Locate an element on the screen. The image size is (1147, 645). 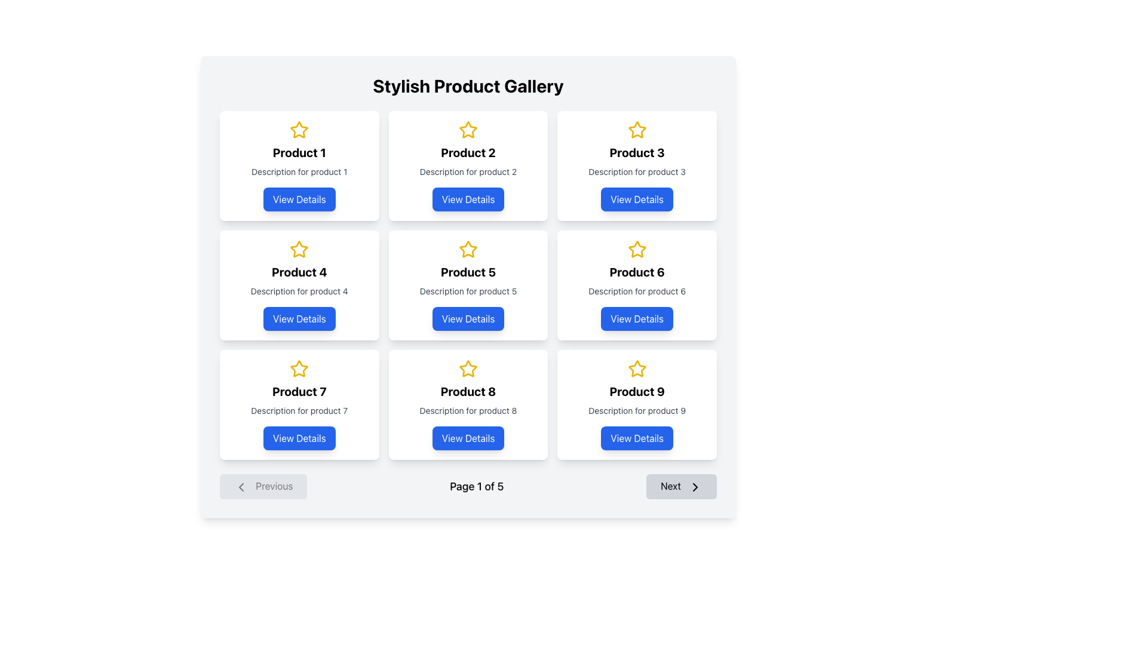
label displaying 'Product 5' in bold, extra-large font, which is located centrally within the second row's middle card in a grid layout is located at coordinates (467, 272).